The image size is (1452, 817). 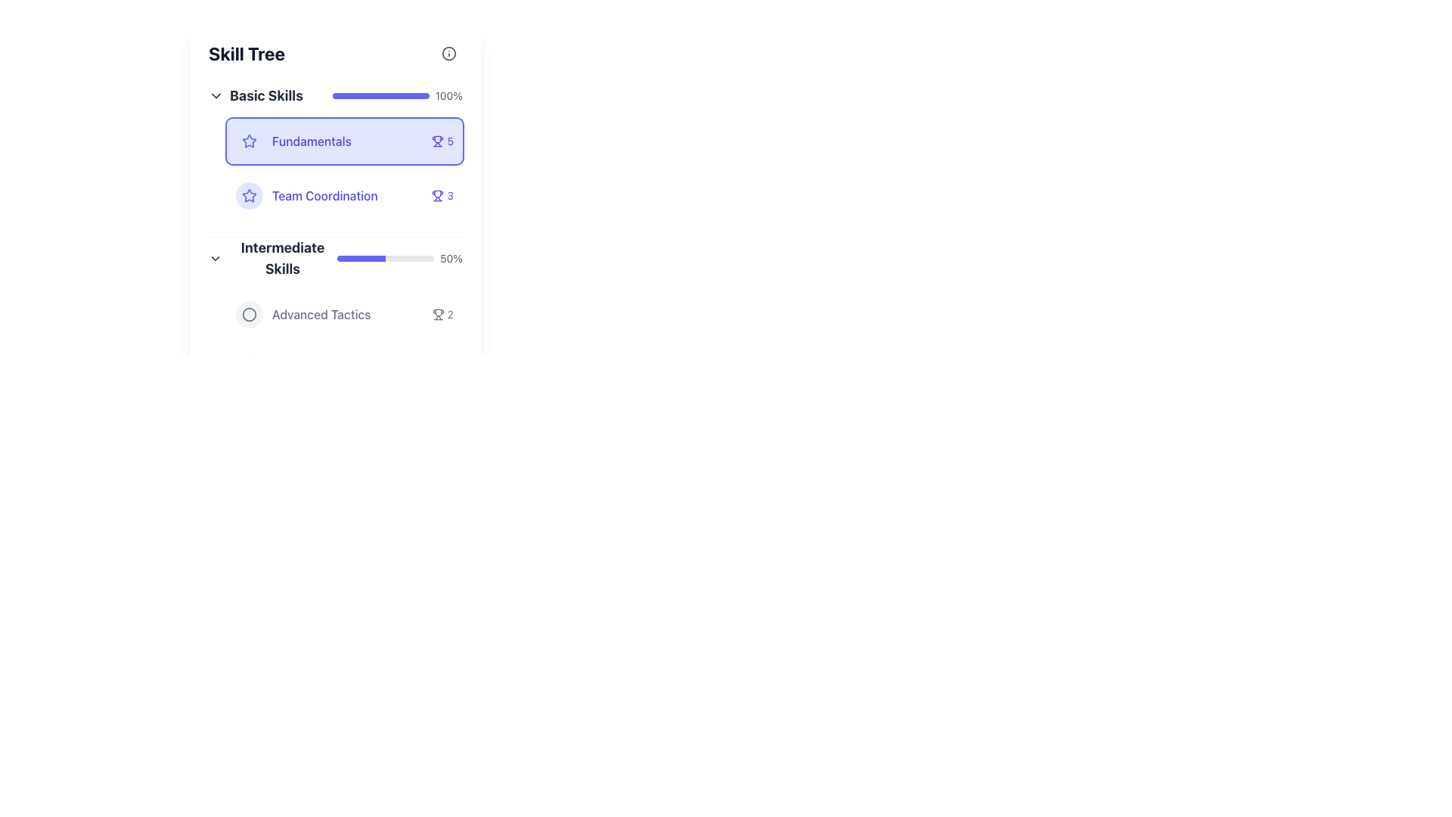 What do you see at coordinates (344, 169) in the screenshot?
I see `the card-style informational component in the 'Skill Tree' interface that displays 'Fundamentals' and 'Team Coordination' with associated trophy icons` at bounding box center [344, 169].